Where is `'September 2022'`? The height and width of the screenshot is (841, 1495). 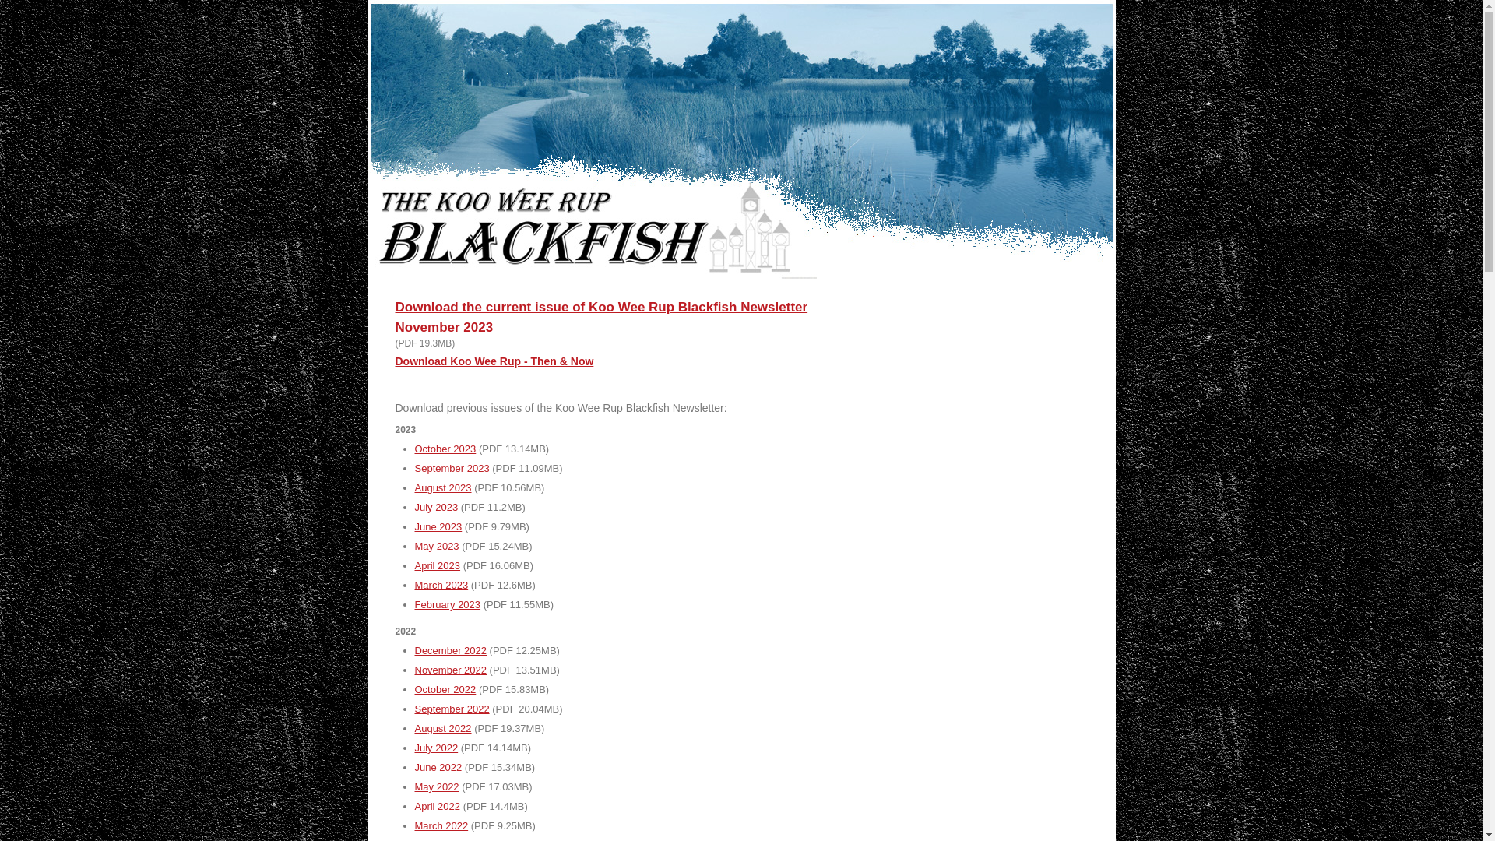
'September 2022' is located at coordinates (451, 709).